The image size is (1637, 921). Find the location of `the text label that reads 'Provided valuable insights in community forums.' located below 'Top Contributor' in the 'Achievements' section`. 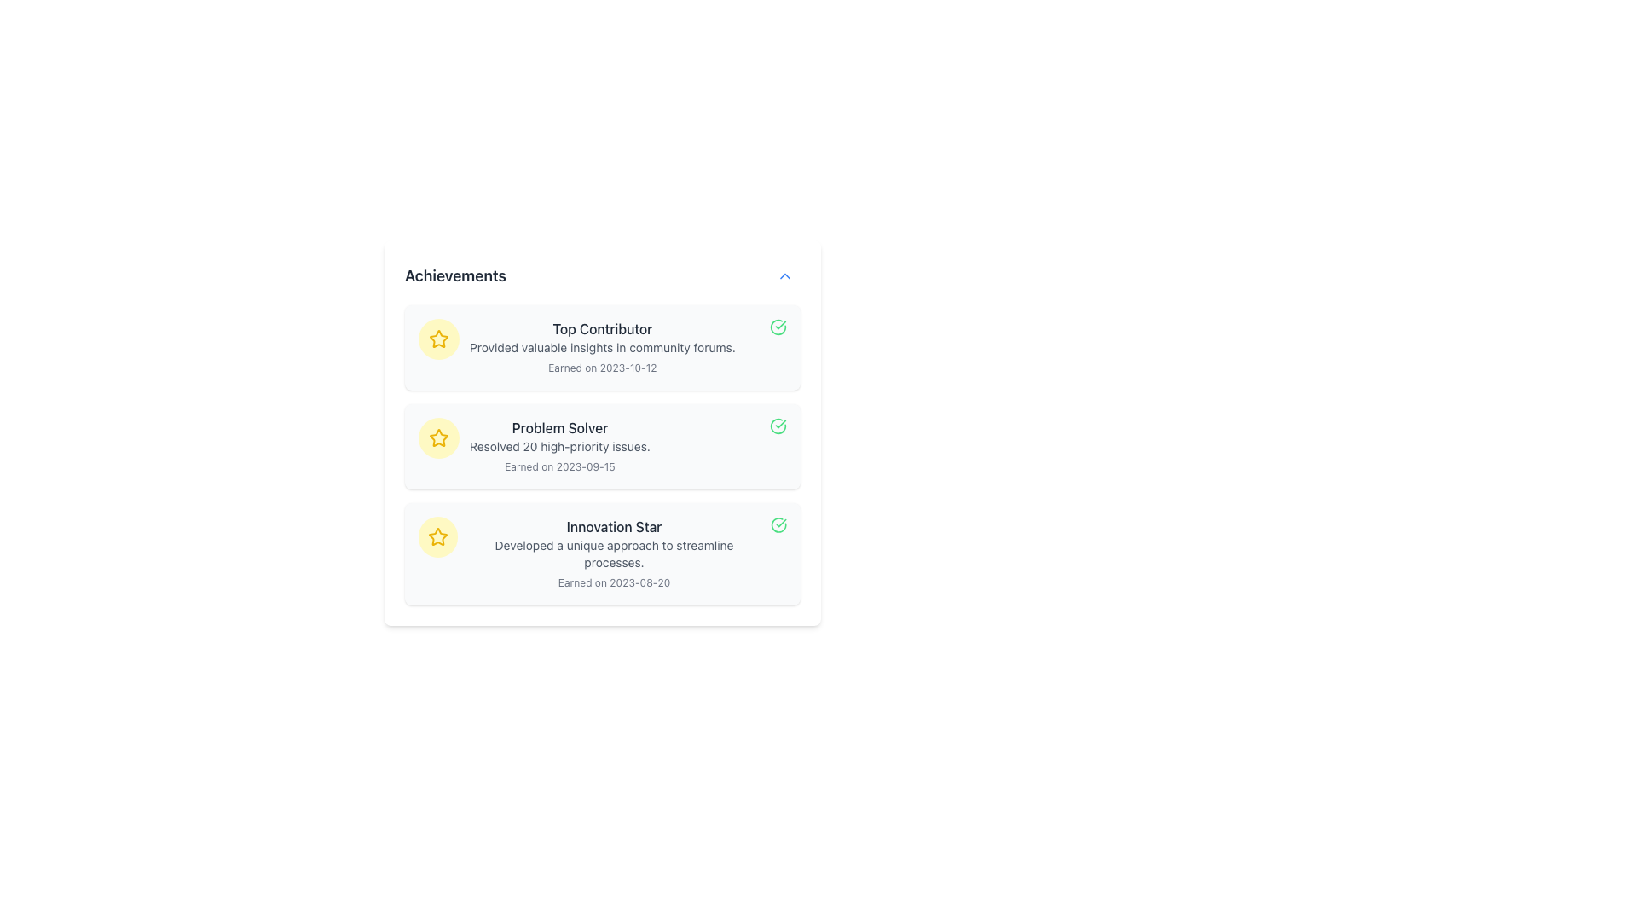

the text label that reads 'Provided valuable insights in community forums.' located below 'Top Contributor' in the 'Achievements' section is located at coordinates (602, 347).